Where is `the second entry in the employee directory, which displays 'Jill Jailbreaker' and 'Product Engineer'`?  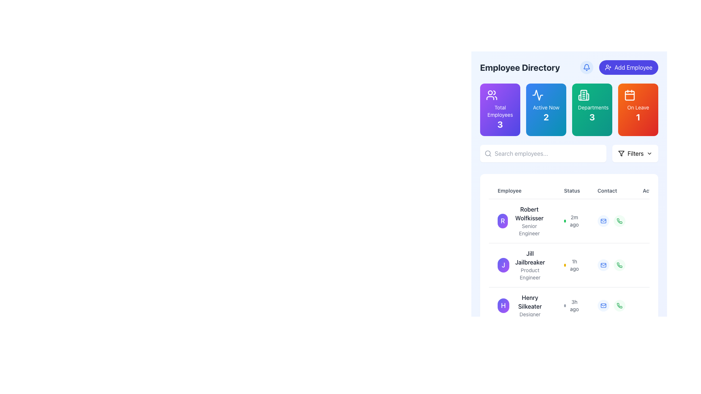 the second entry in the employee directory, which displays 'Jill Jailbreaker' and 'Product Engineer' is located at coordinates (521, 265).